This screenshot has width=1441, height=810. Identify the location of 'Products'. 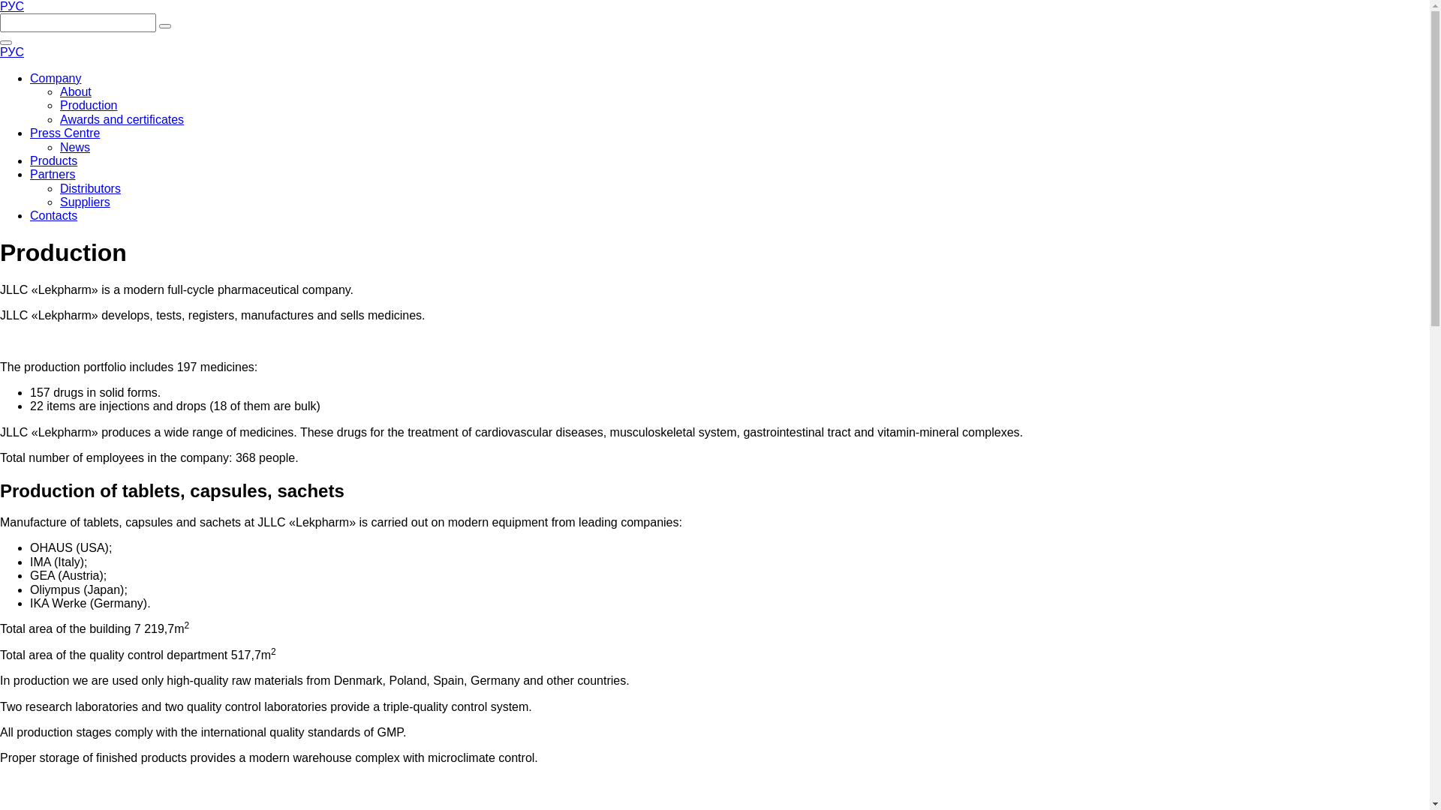
(29, 160).